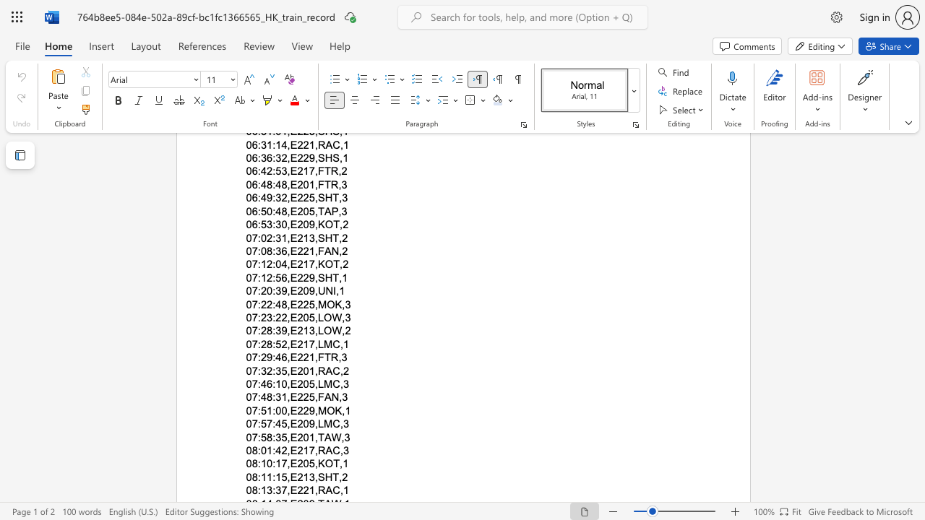 The width and height of the screenshot is (925, 520). I want to click on the space between the continuous character ":" and "0" in the text, so click(276, 410).